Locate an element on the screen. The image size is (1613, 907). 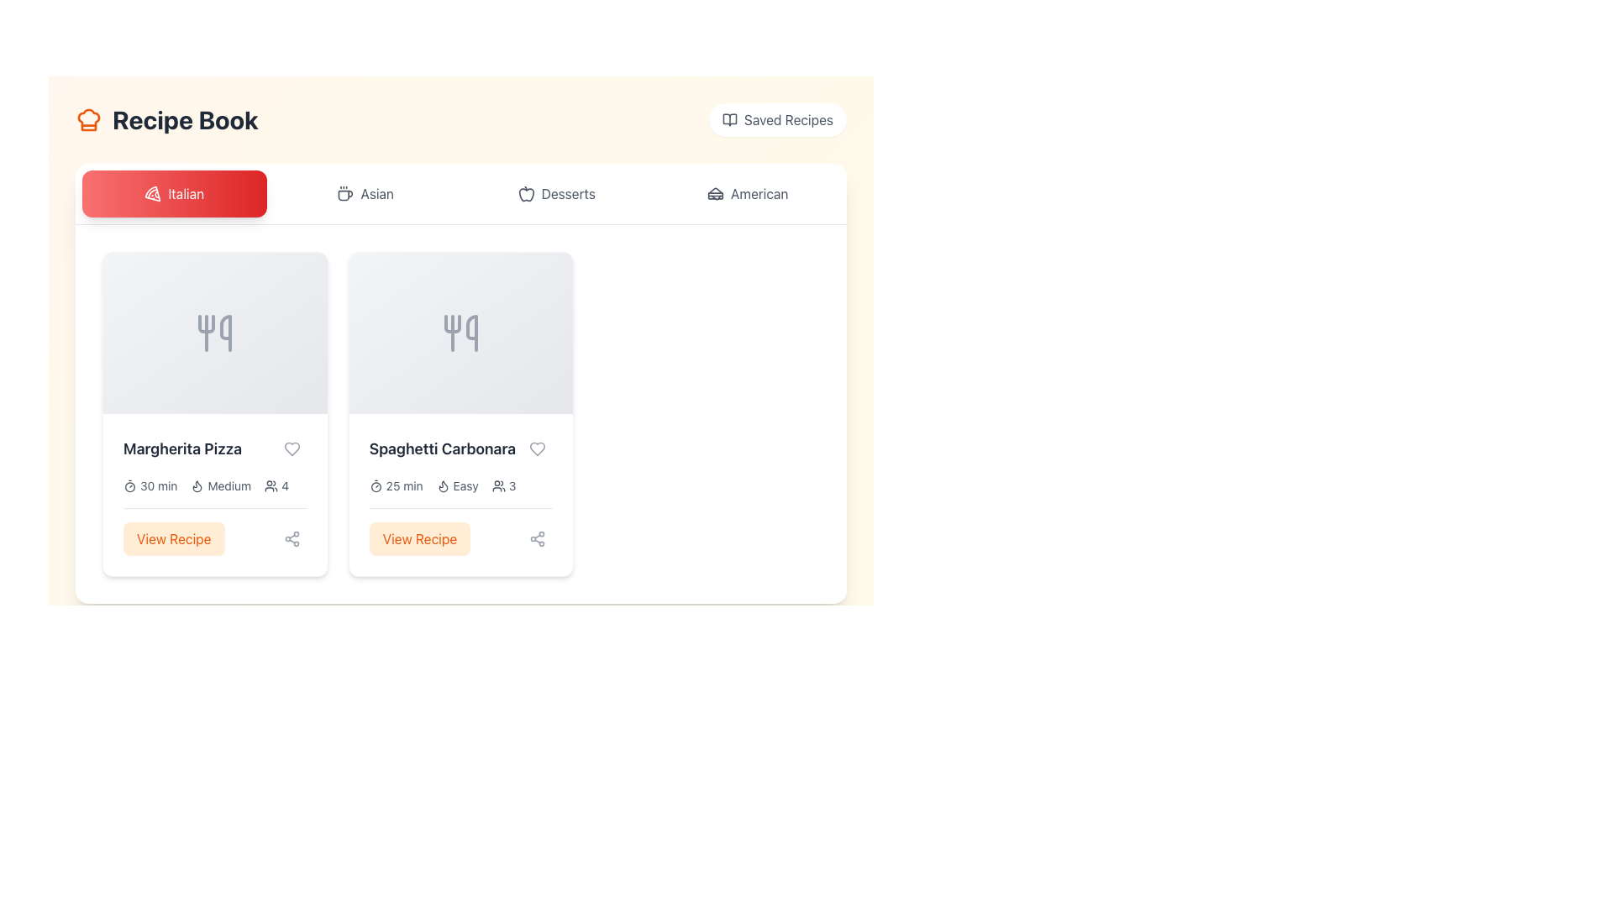
the icon that indicates the number of people associated with the 'Spaghetti Carbonara' recipe, located to the right of 'Easy' and left of the number '3' is located at coordinates (497, 485).